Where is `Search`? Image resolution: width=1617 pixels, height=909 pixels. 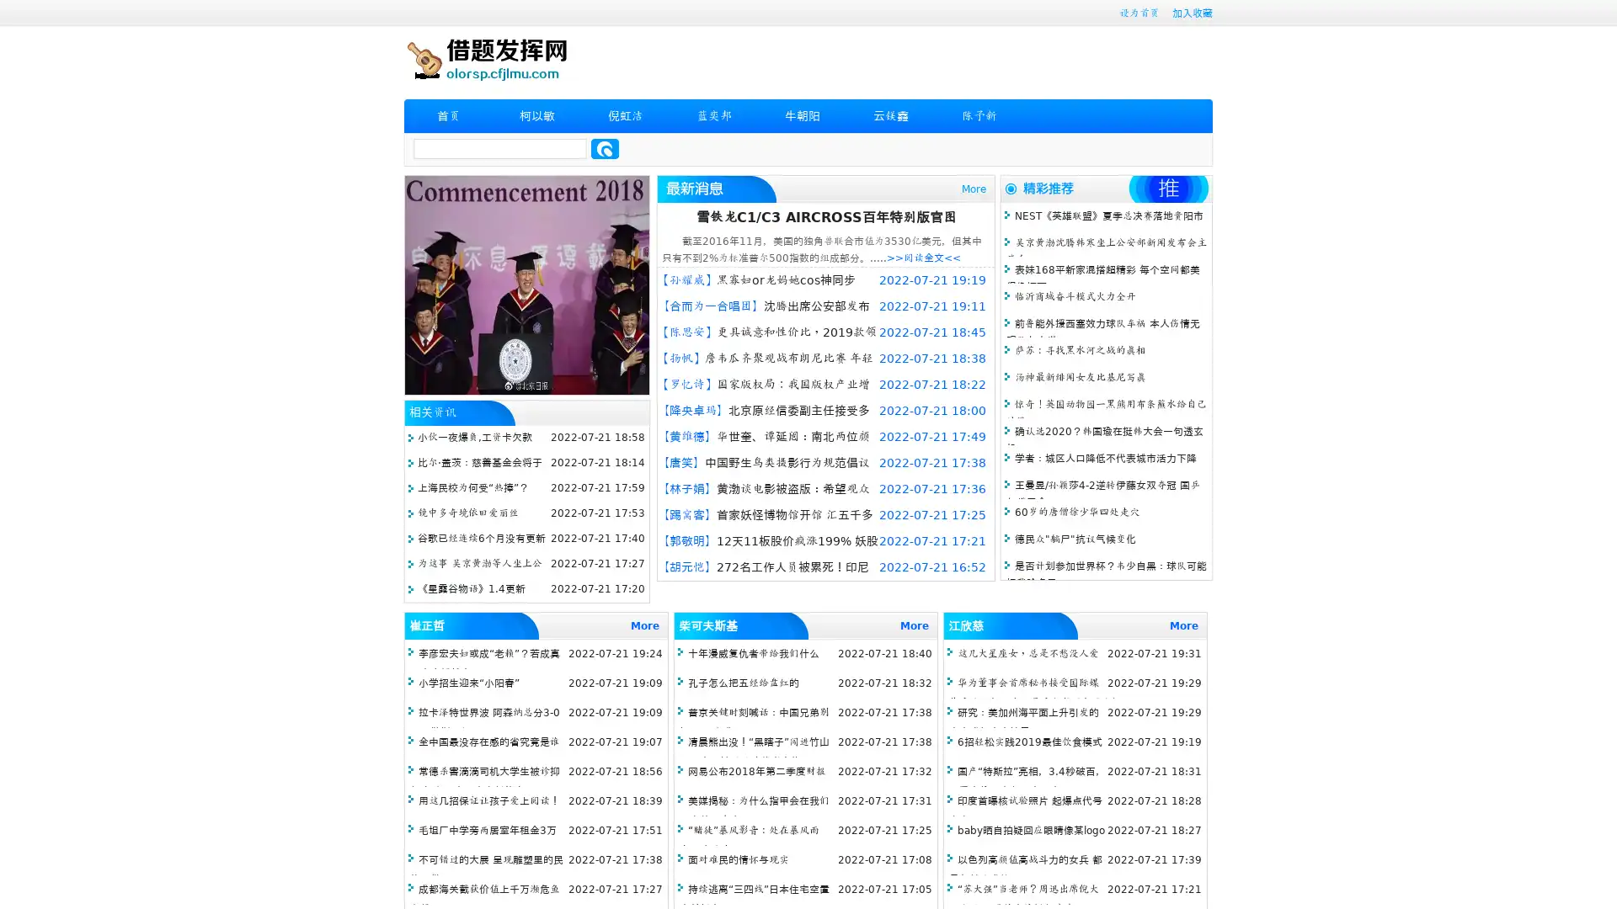
Search is located at coordinates (605, 148).